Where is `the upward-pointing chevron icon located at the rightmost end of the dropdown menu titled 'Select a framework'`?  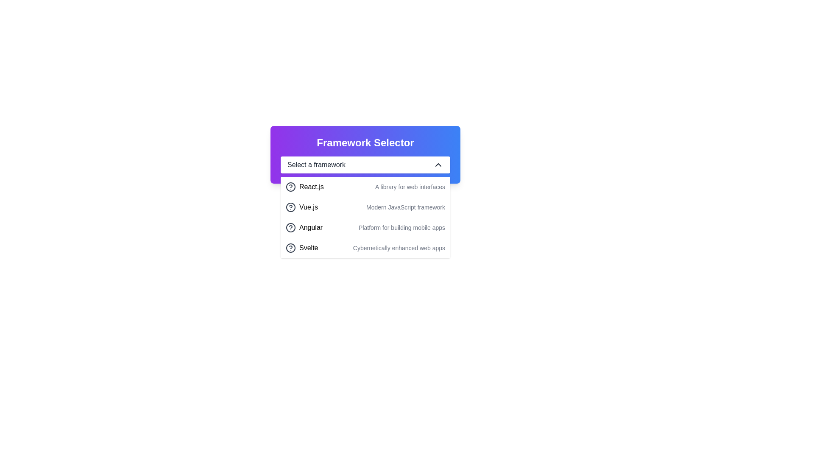
the upward-pointing chevron icon located at the rightmost end of the dropdown menu titled 'Select a framework' is located at coordinates (438, 165).